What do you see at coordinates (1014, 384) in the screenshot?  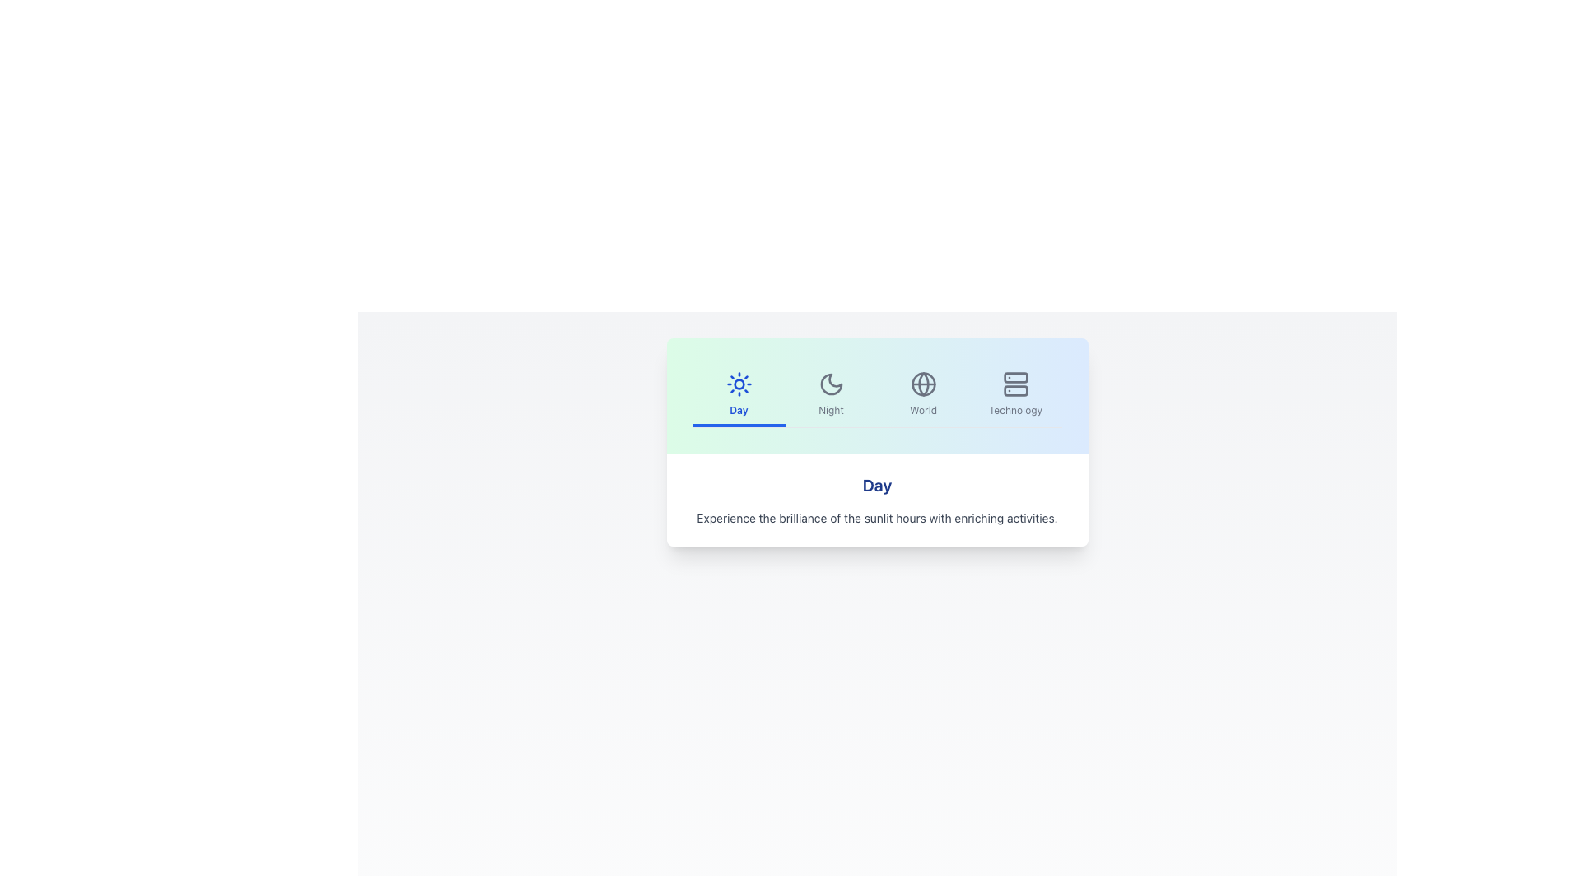 I see `the dual-row icon resembling a simplified server rack located in the 'Technology' section of the tab menu` at bounding box center [1014, 384].